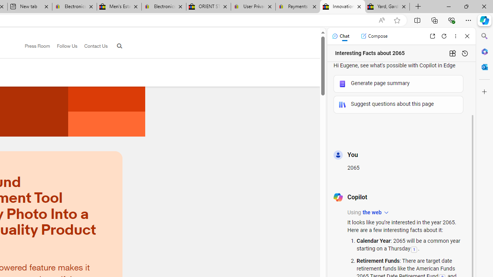 Image resolution: width=493 pixels, height=277 pixels. I want to click on 'Contact Us', so click(92, 46).